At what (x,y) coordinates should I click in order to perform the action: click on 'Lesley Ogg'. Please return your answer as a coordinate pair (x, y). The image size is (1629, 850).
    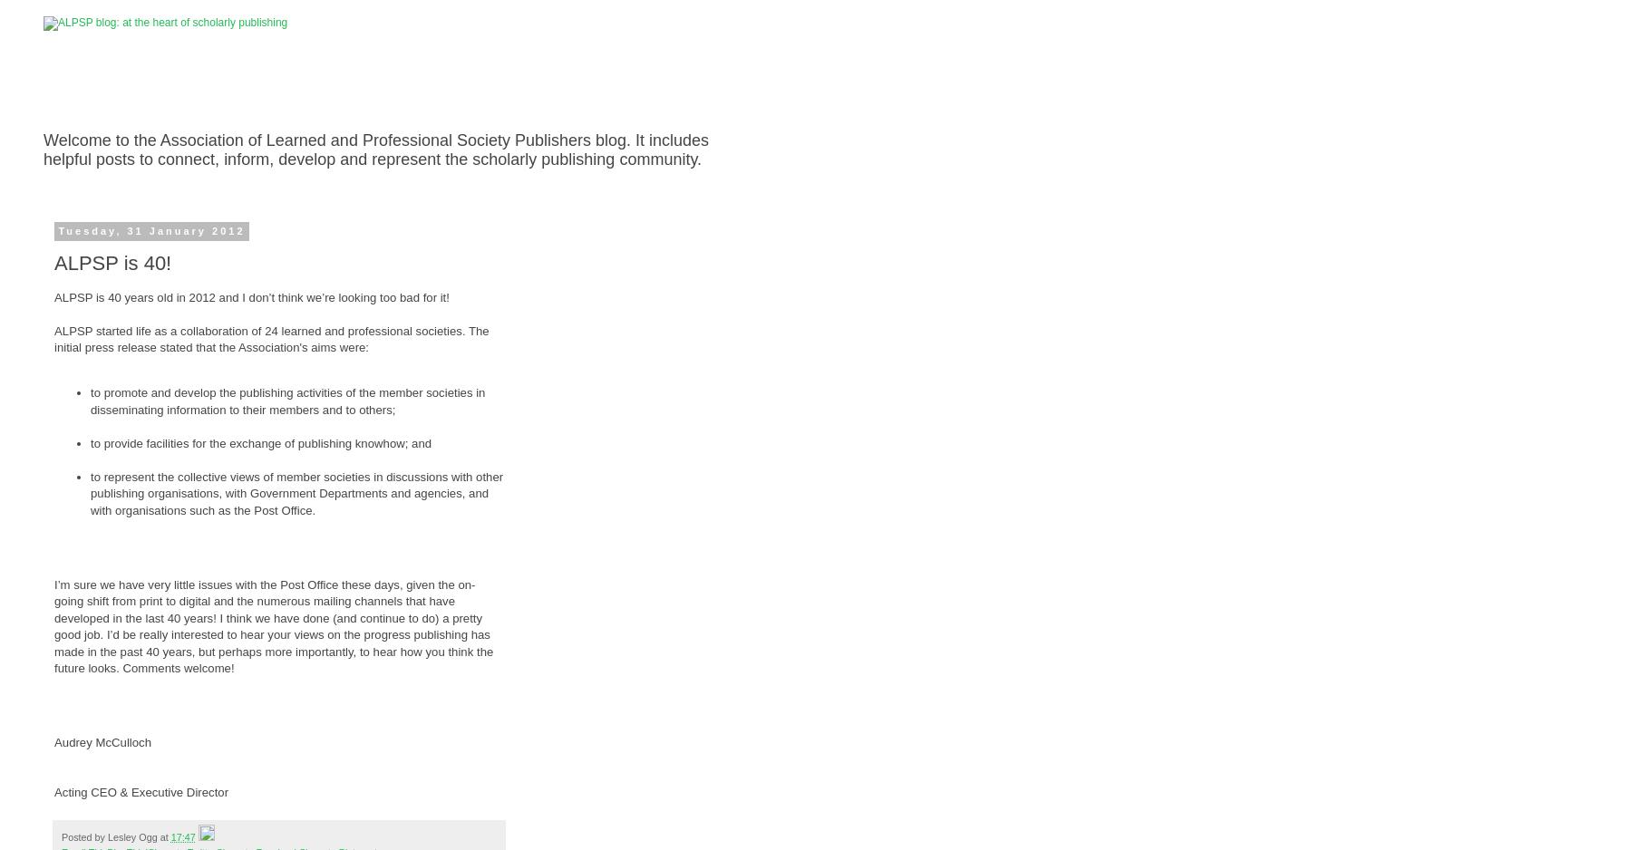
    Looking at the image, I should click on (131, 835).